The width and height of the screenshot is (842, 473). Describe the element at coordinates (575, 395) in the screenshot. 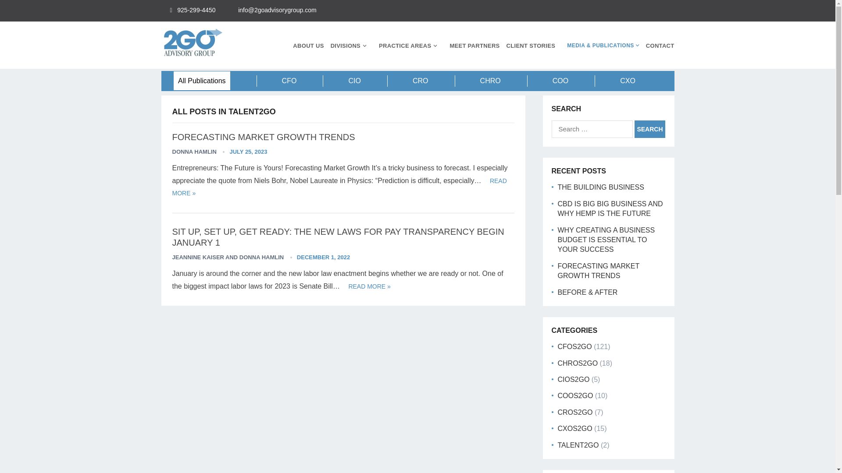

I see `'COOS2GO'` at that location.